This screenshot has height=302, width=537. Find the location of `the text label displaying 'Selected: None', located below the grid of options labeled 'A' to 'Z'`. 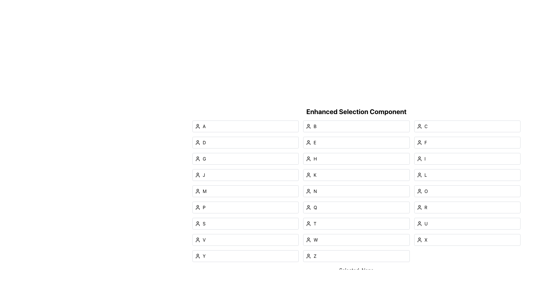

the text label displaying 'Selected: None', located below the grid of options labeled 'A' to 'Z' is located at coordinates (356, 270).